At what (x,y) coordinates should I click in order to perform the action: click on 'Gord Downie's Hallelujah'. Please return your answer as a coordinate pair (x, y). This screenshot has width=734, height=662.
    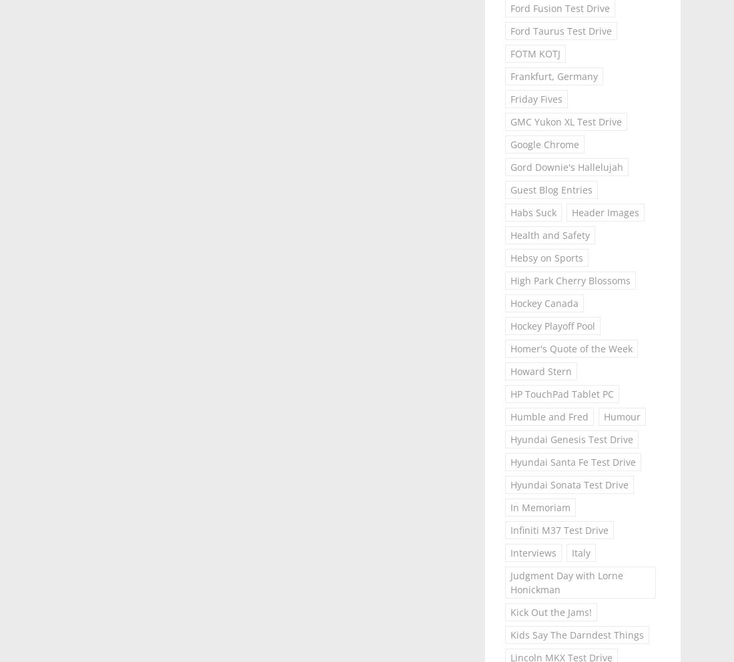
    Looking at the image, I should click on (509, 166).